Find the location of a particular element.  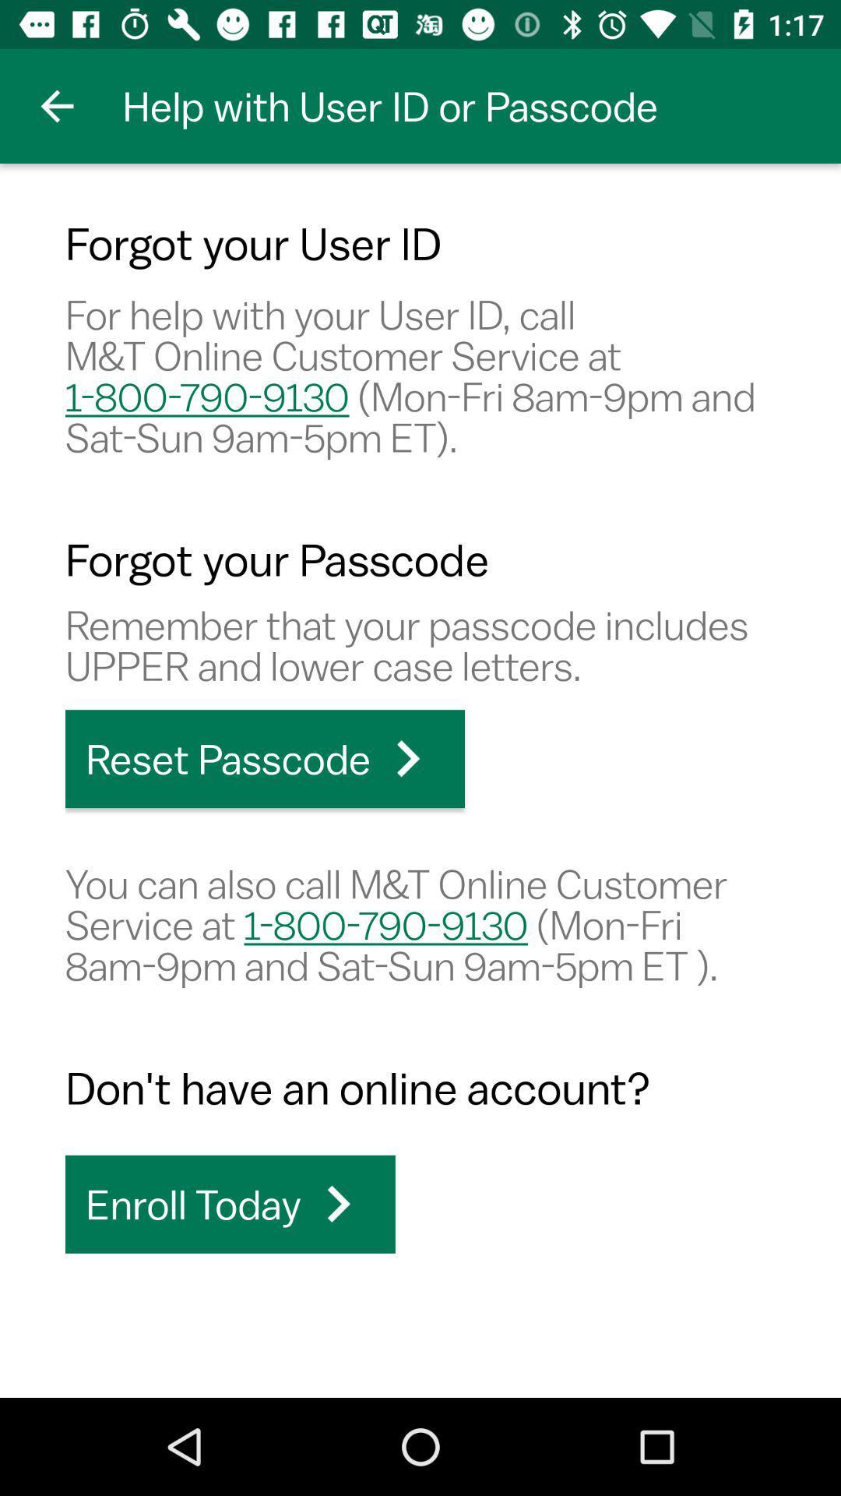

the enroll today icon is located at coordinates (230, 1203).